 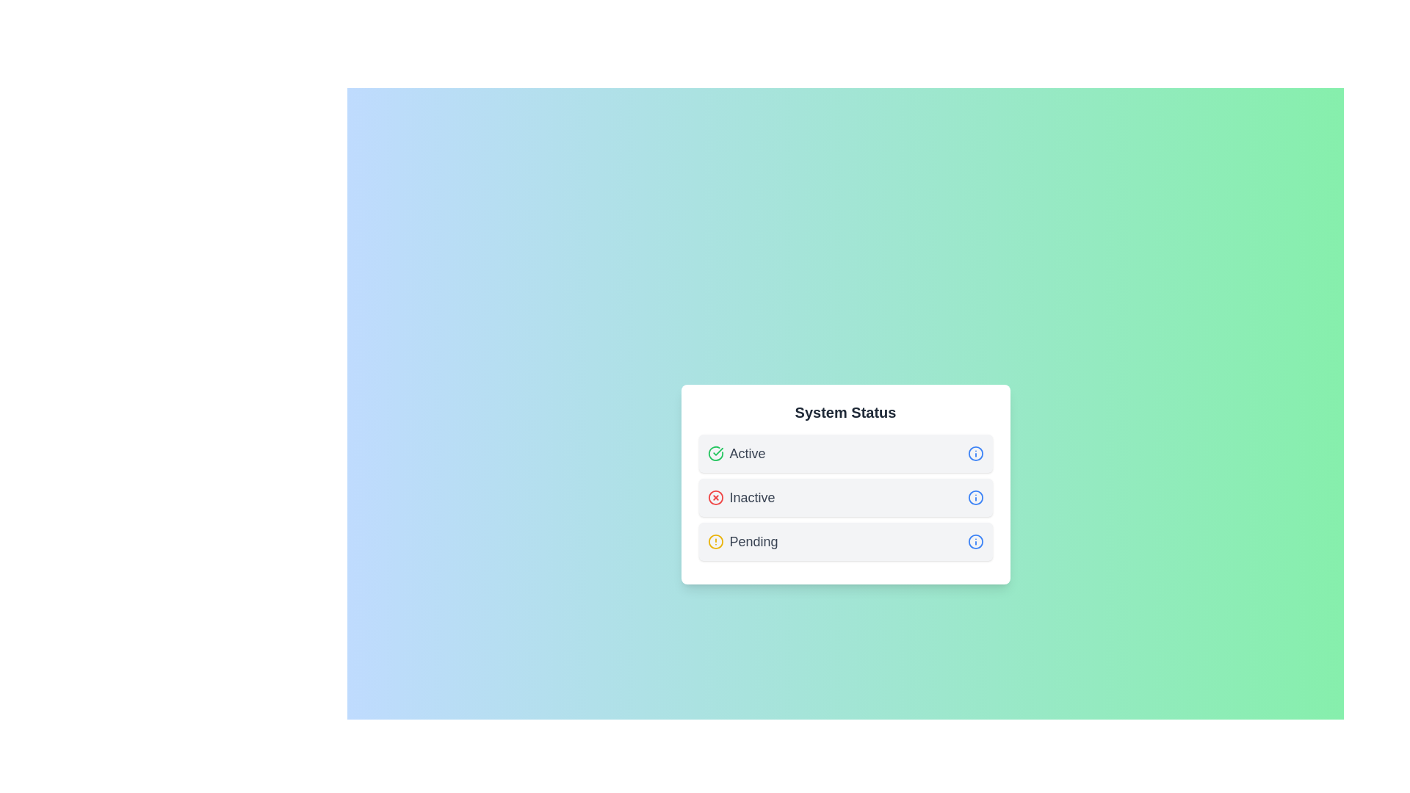 I want to click on the circular blue outlined icon with a centered dot in the 'Inactive' row of the status display, located near the text 'Inactive', so click(x=975, y=497).